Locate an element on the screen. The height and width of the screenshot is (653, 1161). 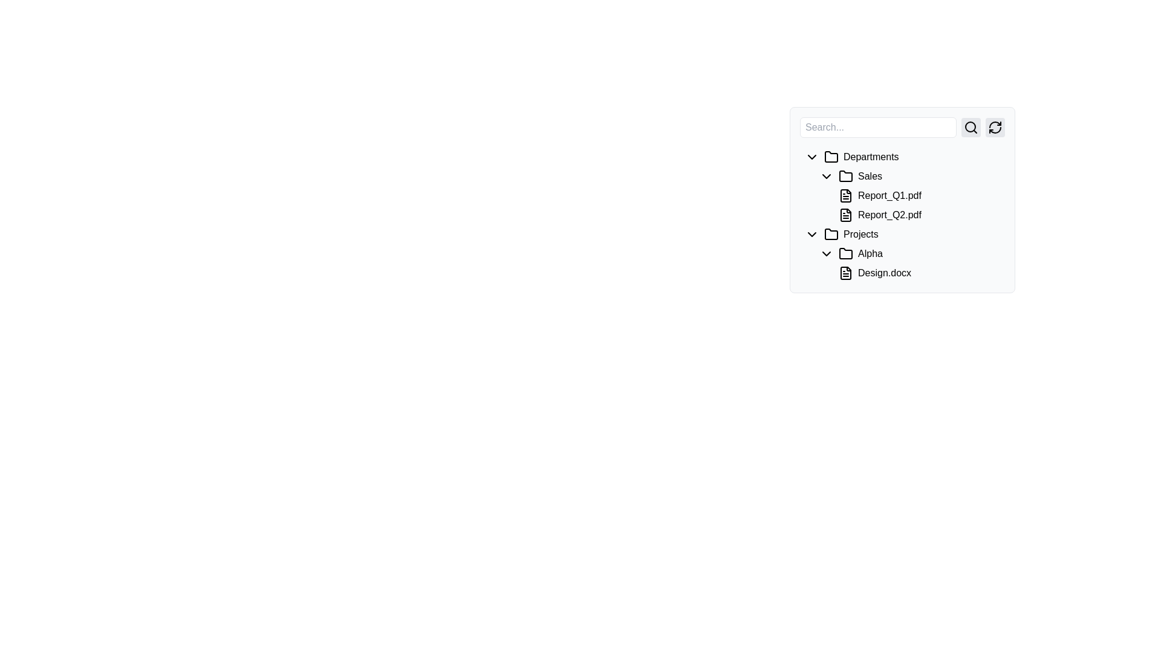
the folder icon located to the left of the text 'Projects' in the hierarchical file structure is located at coordinates (833, 235).